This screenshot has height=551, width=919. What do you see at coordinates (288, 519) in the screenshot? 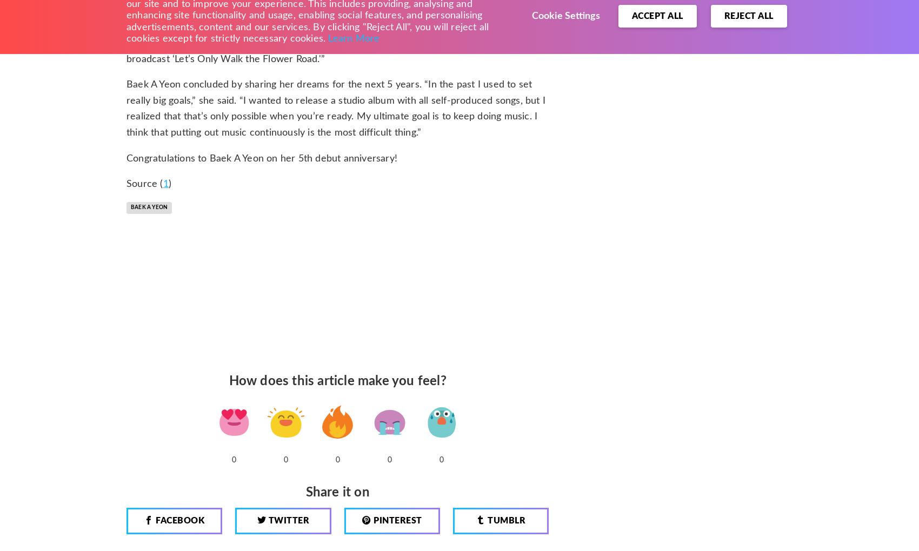
I see `'Twitter'` at bounding box center [288, 519].